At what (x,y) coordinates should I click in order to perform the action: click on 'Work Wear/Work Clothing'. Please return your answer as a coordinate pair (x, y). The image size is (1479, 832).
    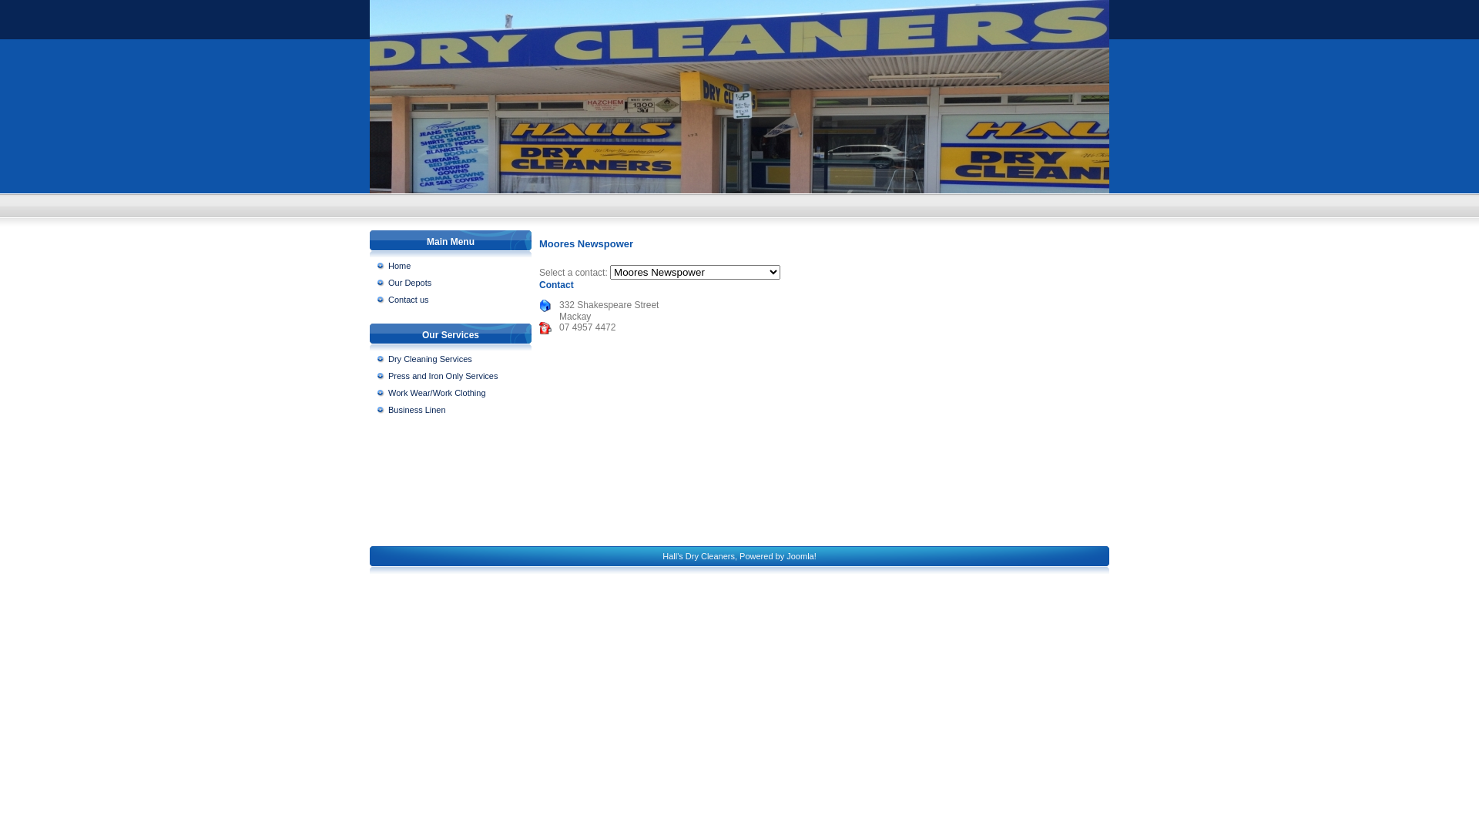
    Looking at the image, I should click on (377, 391).